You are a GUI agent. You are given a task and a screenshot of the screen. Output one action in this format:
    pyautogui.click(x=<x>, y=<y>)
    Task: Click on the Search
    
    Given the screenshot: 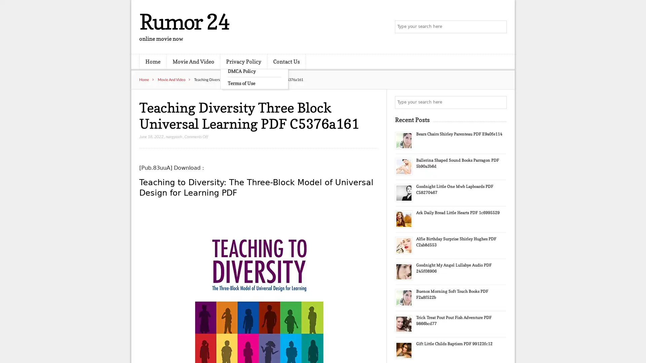 What is the action you would take?
    pyautogui.click(x=500, y=27)
    